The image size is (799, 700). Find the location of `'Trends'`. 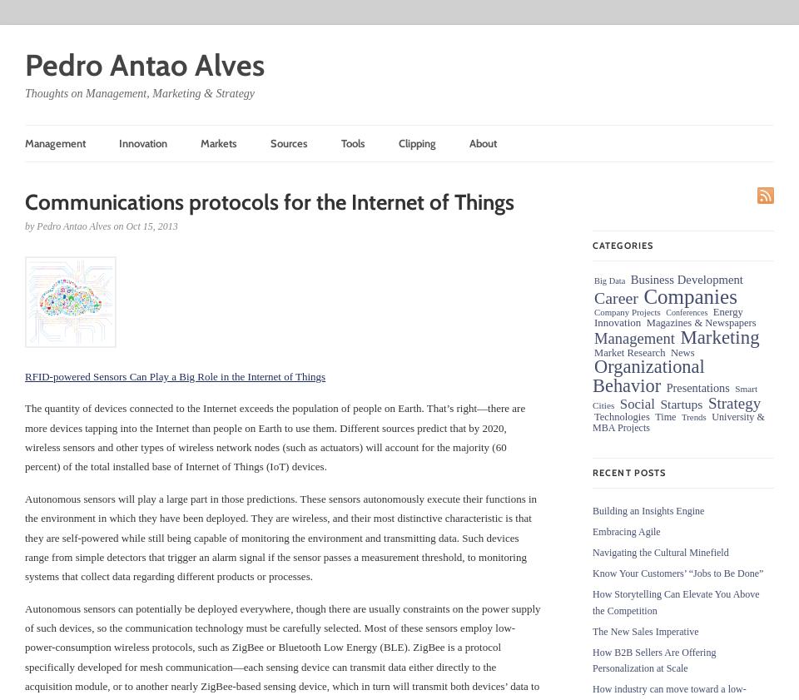

'Trends' is located at coordinates (692, 416).